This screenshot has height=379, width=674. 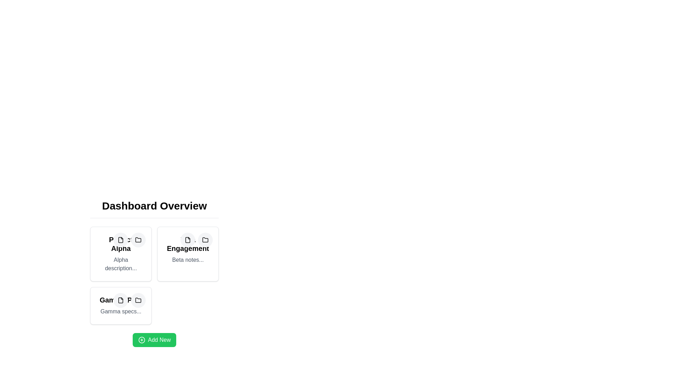 What do you see at coordinates (121, 254) in the screenshot?
I see `the interactive icons on the first card component in the project dashboard, which is located at the top-left corner of the grid layout` at bounding box center [121, 254].